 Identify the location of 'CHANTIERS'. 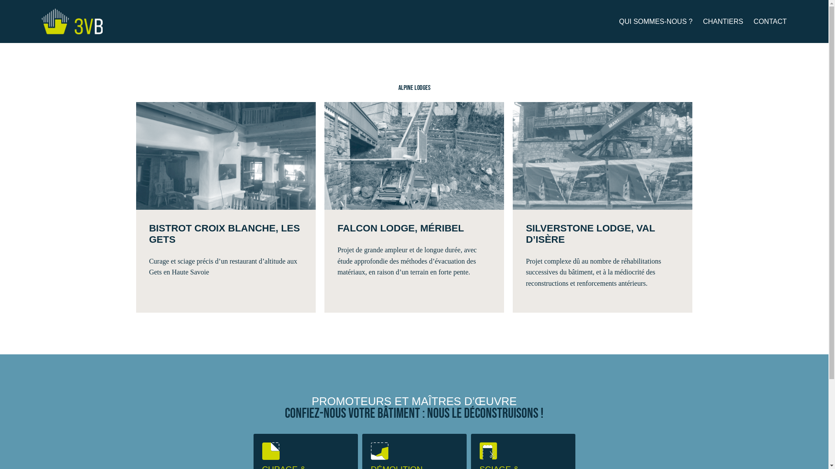
(722, 21).